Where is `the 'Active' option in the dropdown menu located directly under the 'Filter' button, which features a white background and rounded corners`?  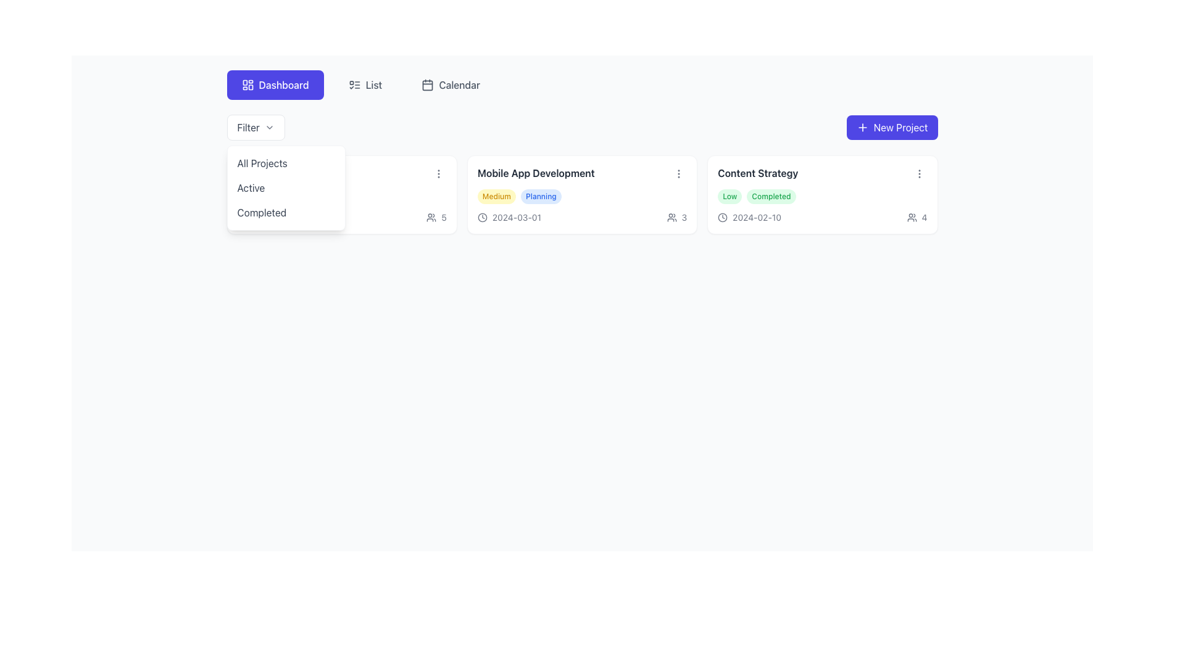
the 'Active' option in the dropdown menu located directly under the 'Filter' button, which features a white background and rounded corners is located at coordinates (285, 187).